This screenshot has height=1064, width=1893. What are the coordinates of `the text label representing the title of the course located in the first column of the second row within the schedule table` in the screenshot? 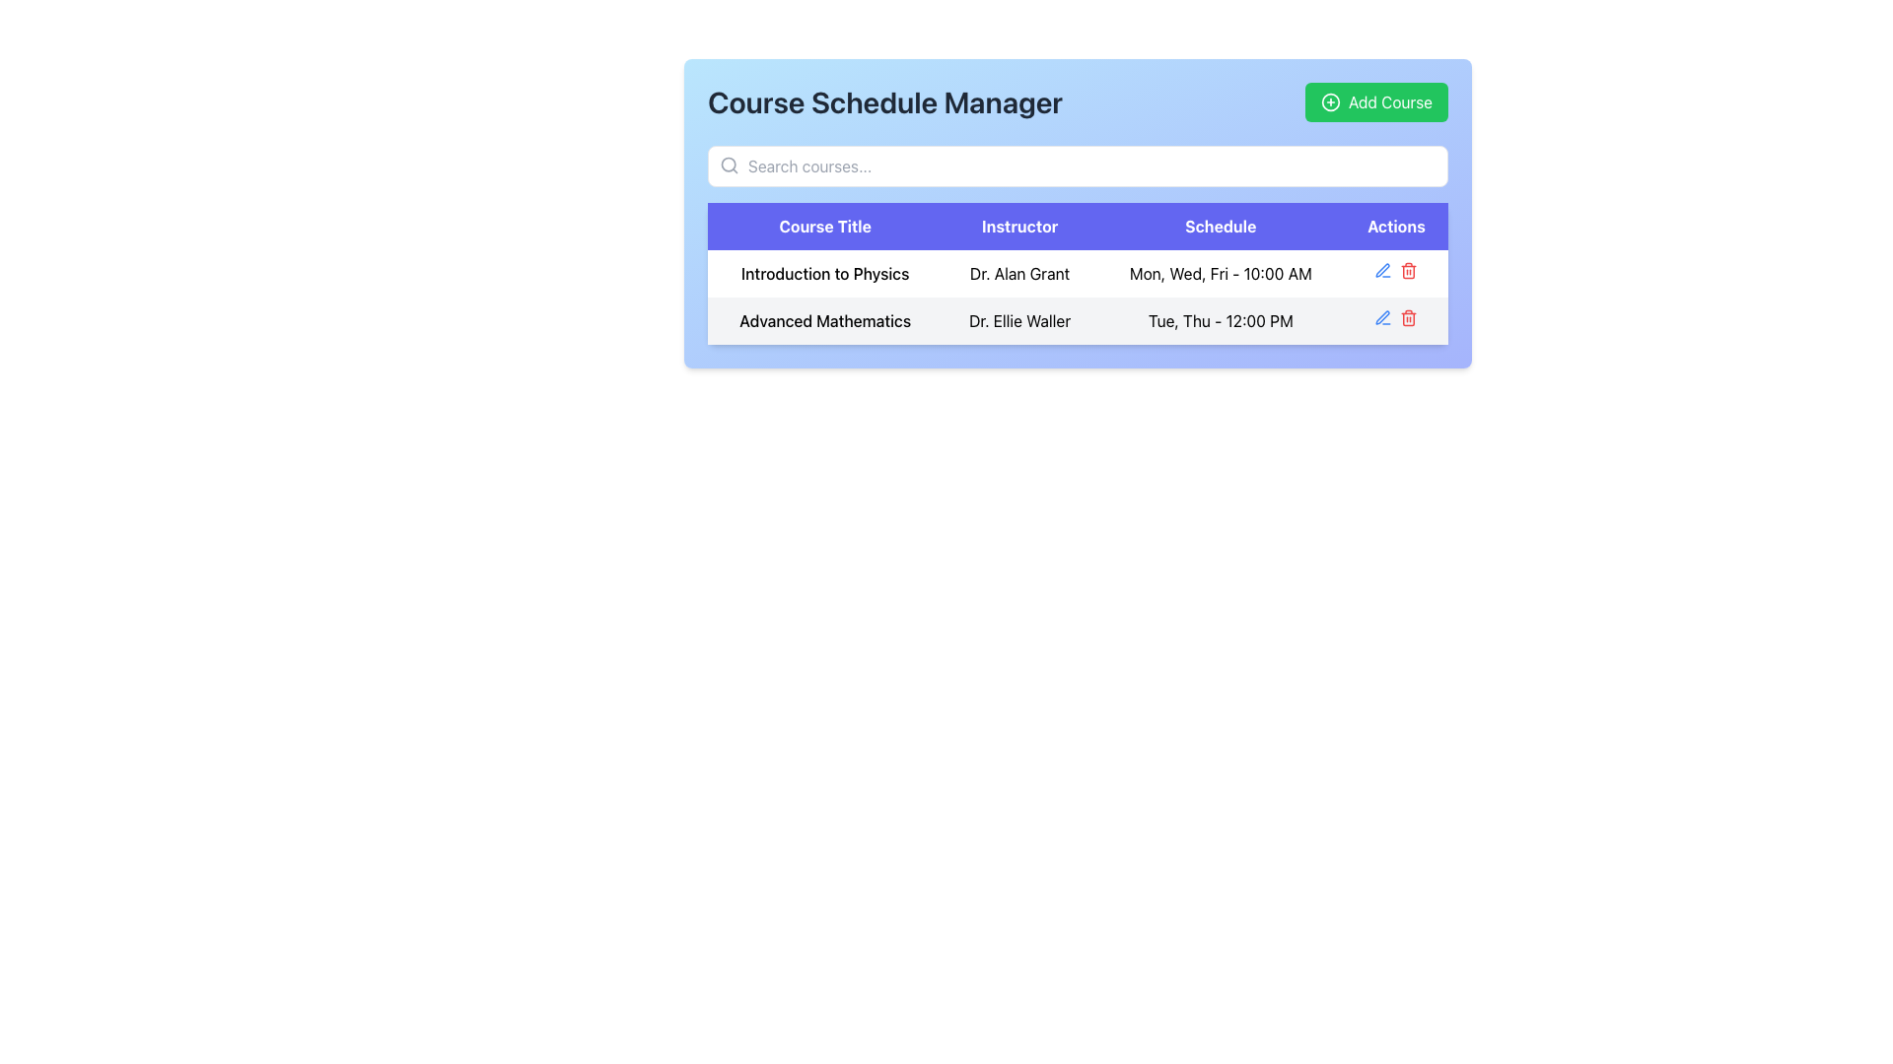 It's located at (825, 320).